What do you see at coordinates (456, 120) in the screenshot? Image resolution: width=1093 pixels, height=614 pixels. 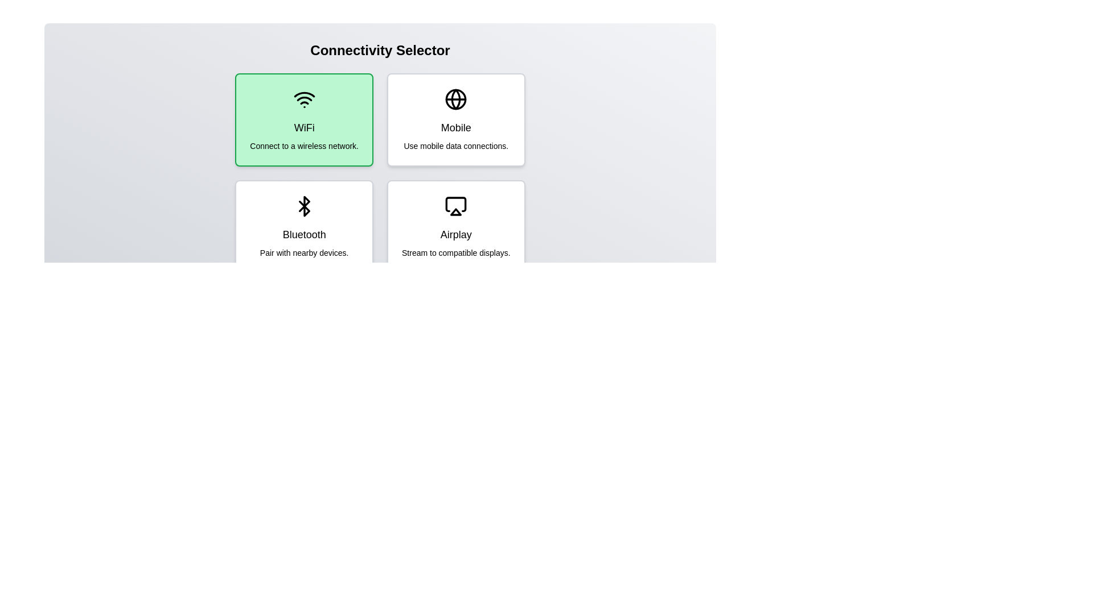 I see `the connectivity option Mobile` at bounding box center [456, 120].